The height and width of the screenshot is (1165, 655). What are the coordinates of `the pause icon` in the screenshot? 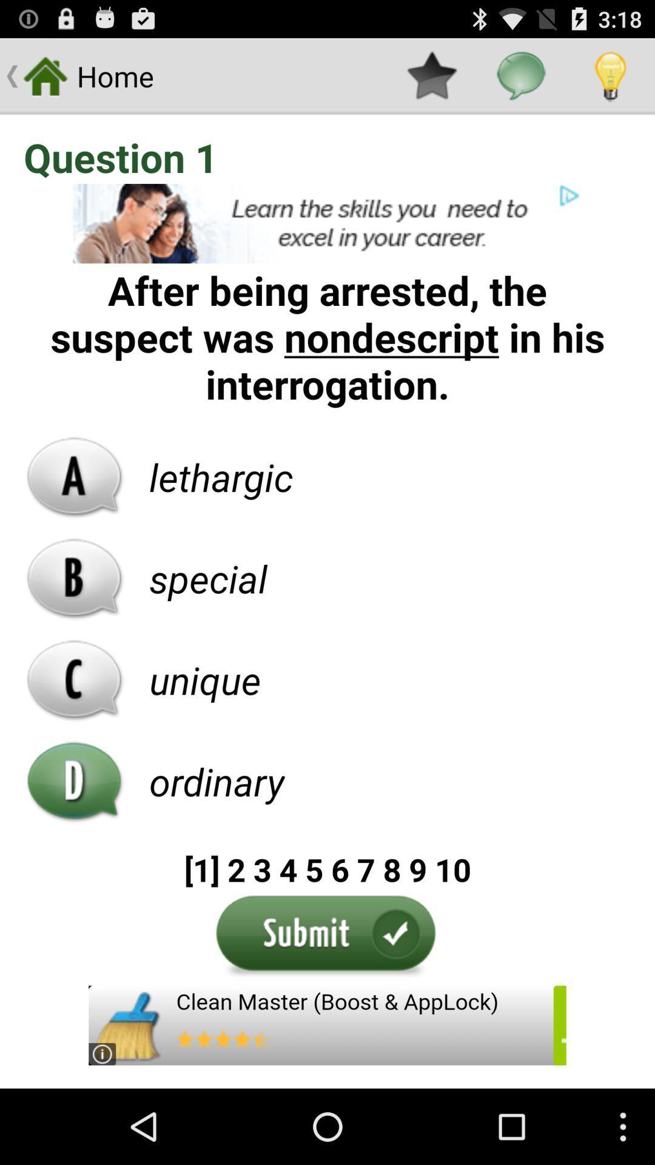 It's located at (75, 836).